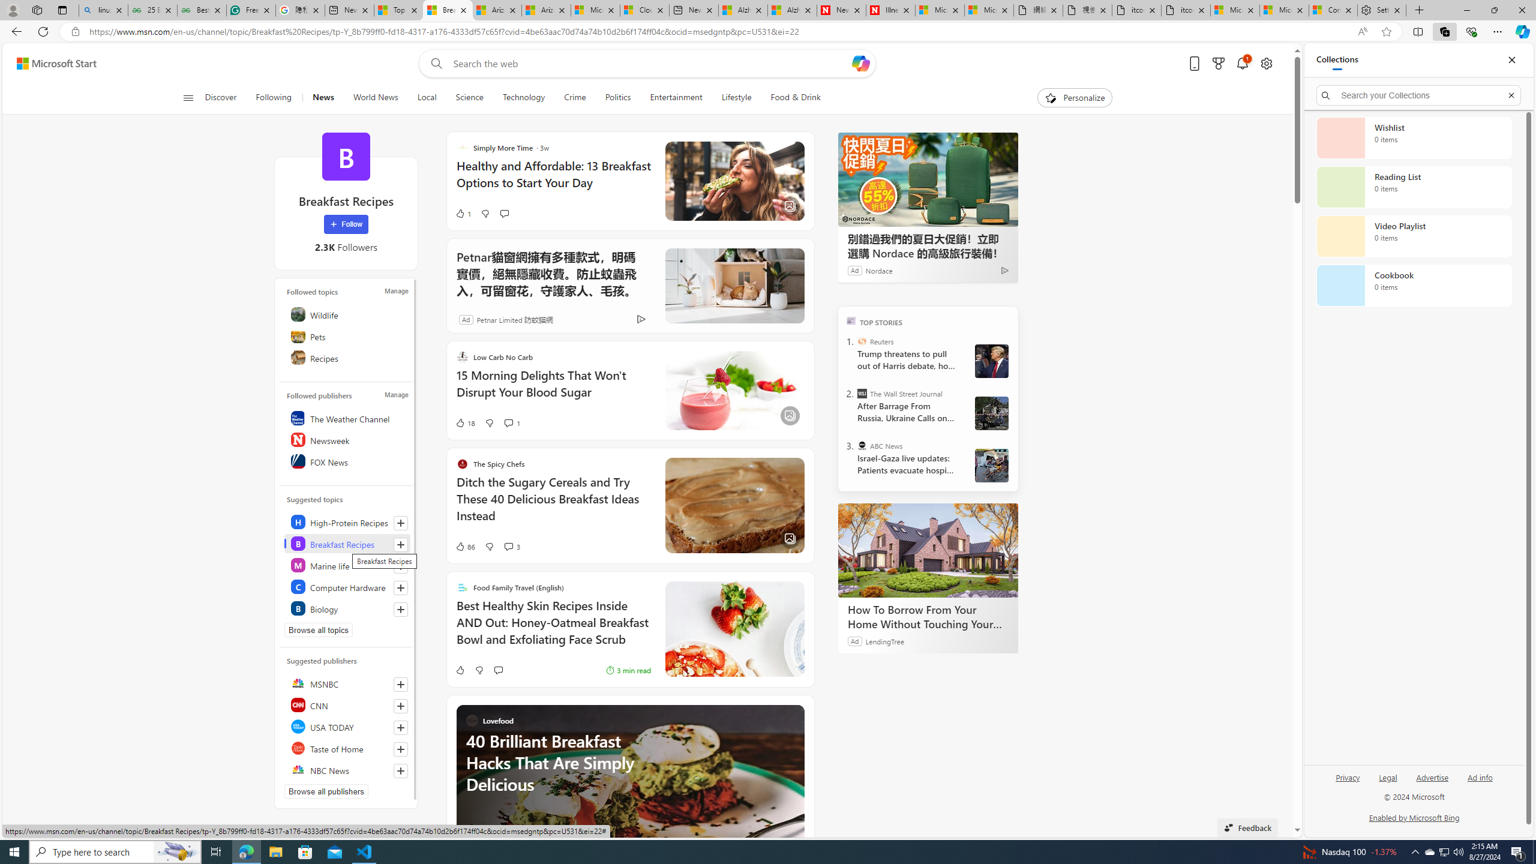  What do you see at coordinates (574, 97) in the screenshot?
I see `'Crime'` at bounding box center [574, 97].